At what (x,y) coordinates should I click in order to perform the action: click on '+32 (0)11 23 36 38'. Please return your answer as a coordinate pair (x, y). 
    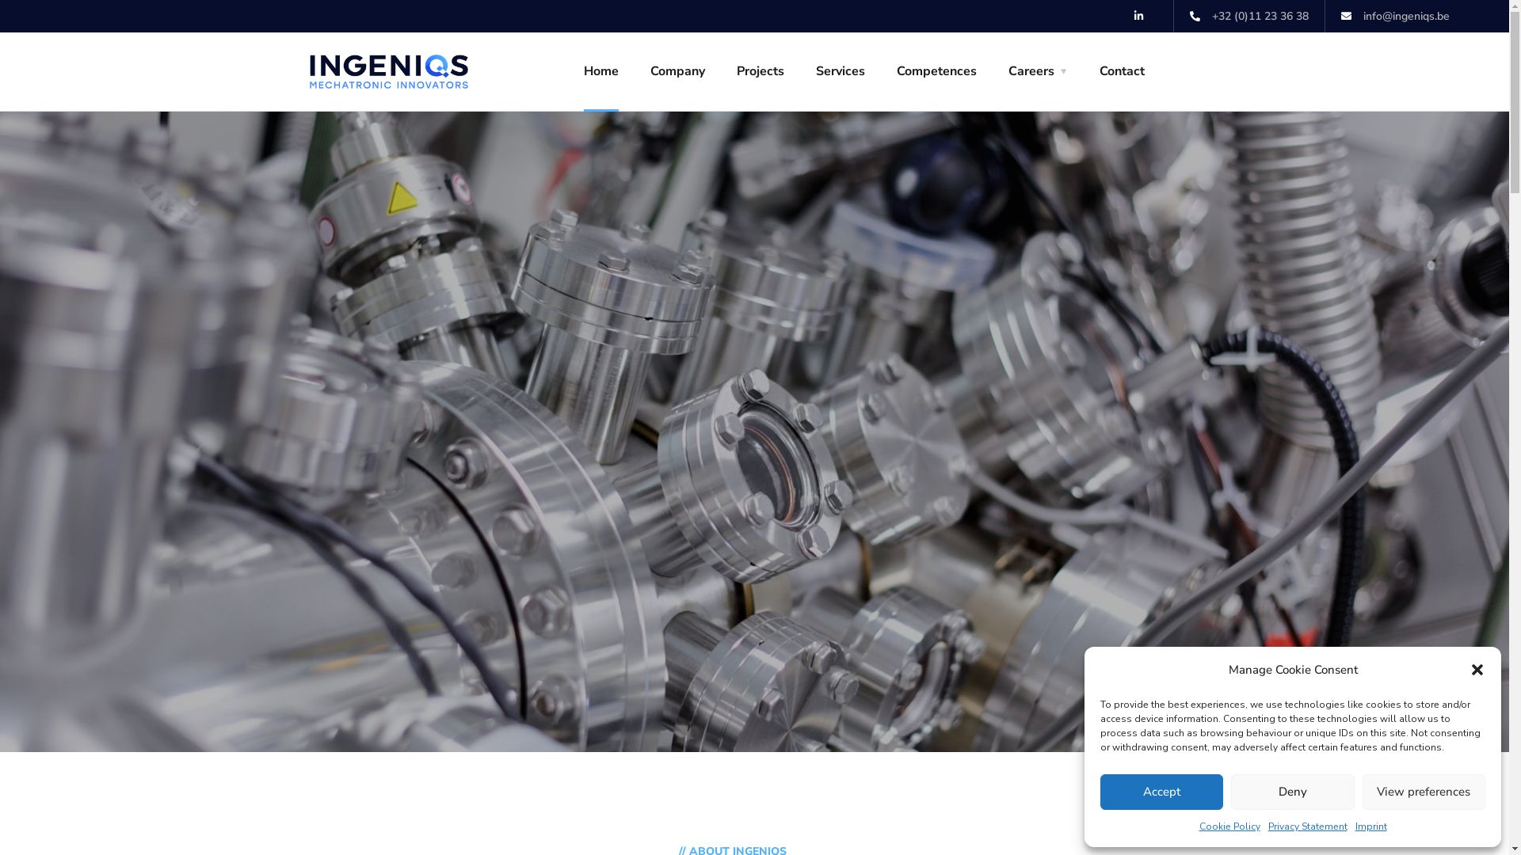
    Looking at the image, I should click on (1248, 16).